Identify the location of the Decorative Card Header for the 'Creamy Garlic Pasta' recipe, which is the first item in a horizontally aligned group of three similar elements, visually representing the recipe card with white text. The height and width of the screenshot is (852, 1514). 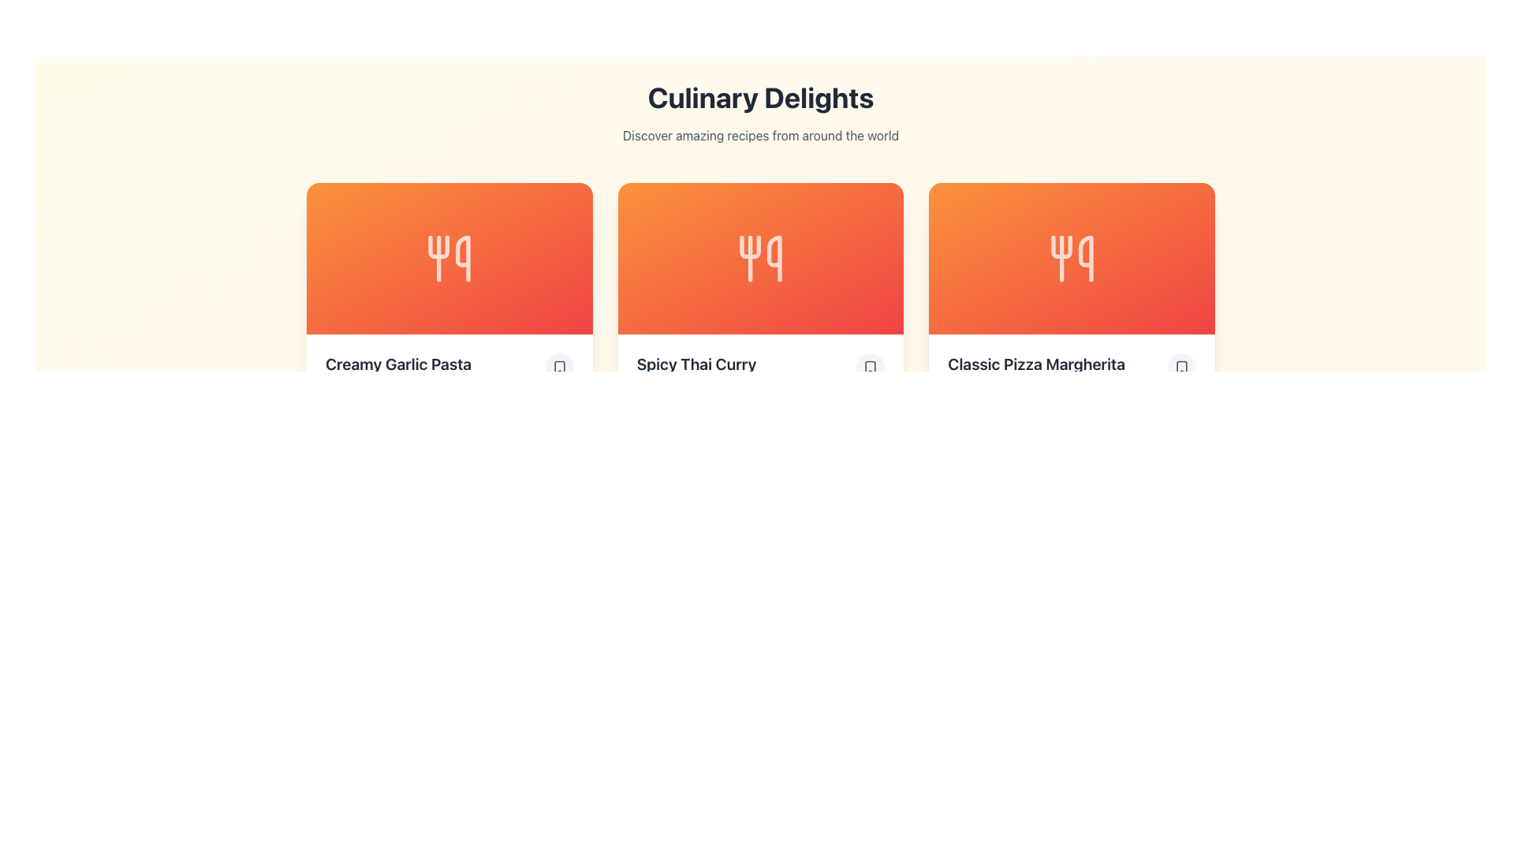
(449, 257).